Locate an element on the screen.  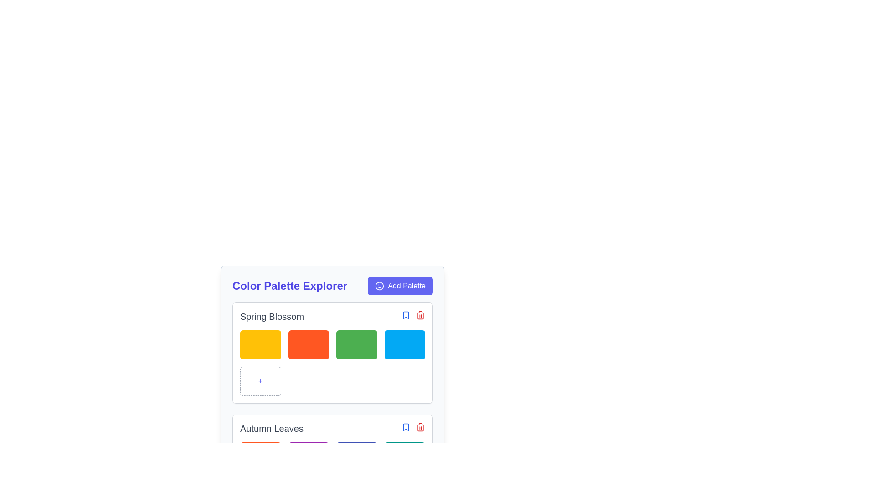
the first color swatch in the 'Spring Blossom' color palette is located at coordinates (260, 344).